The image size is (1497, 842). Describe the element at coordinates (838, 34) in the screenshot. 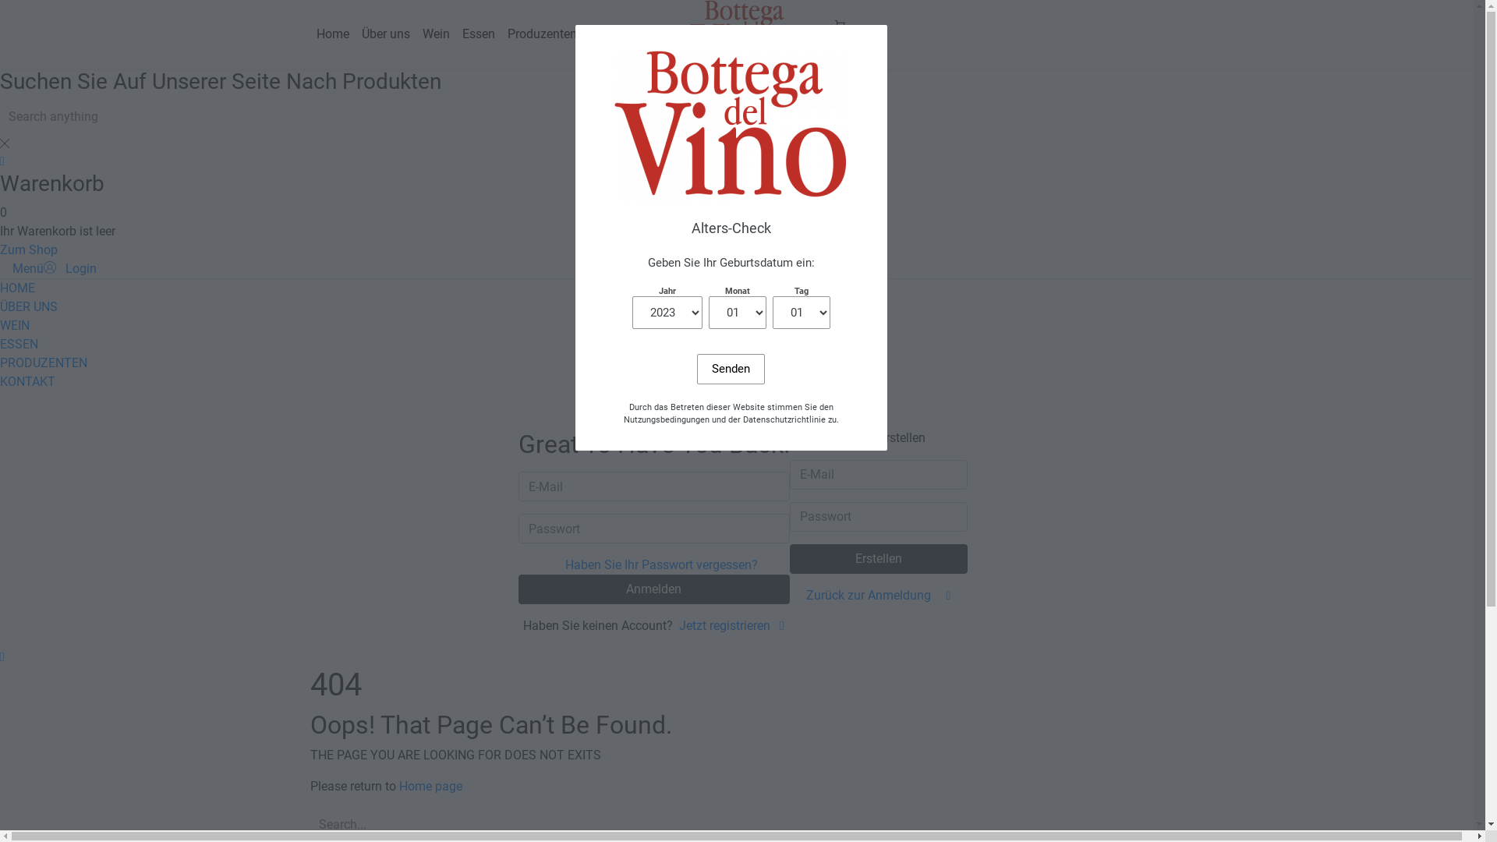

I see `'0'` at that location.